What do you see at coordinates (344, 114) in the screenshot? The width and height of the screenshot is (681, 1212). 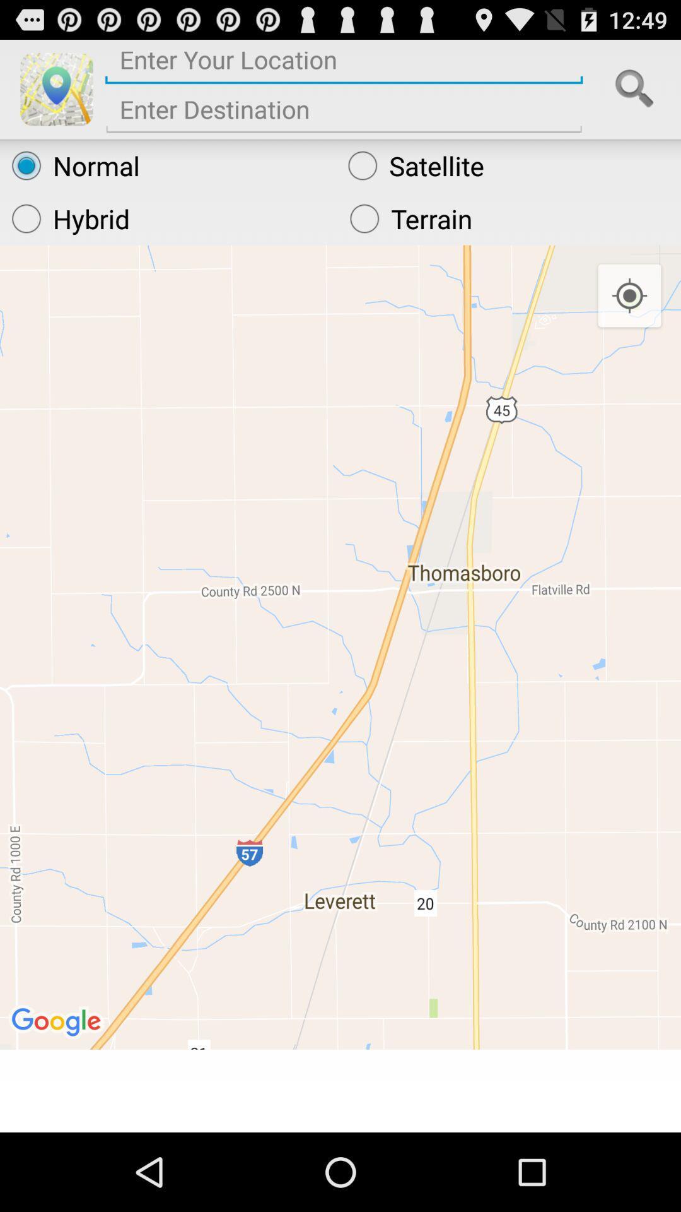 I see `input box` at bounding box center [344, 114].